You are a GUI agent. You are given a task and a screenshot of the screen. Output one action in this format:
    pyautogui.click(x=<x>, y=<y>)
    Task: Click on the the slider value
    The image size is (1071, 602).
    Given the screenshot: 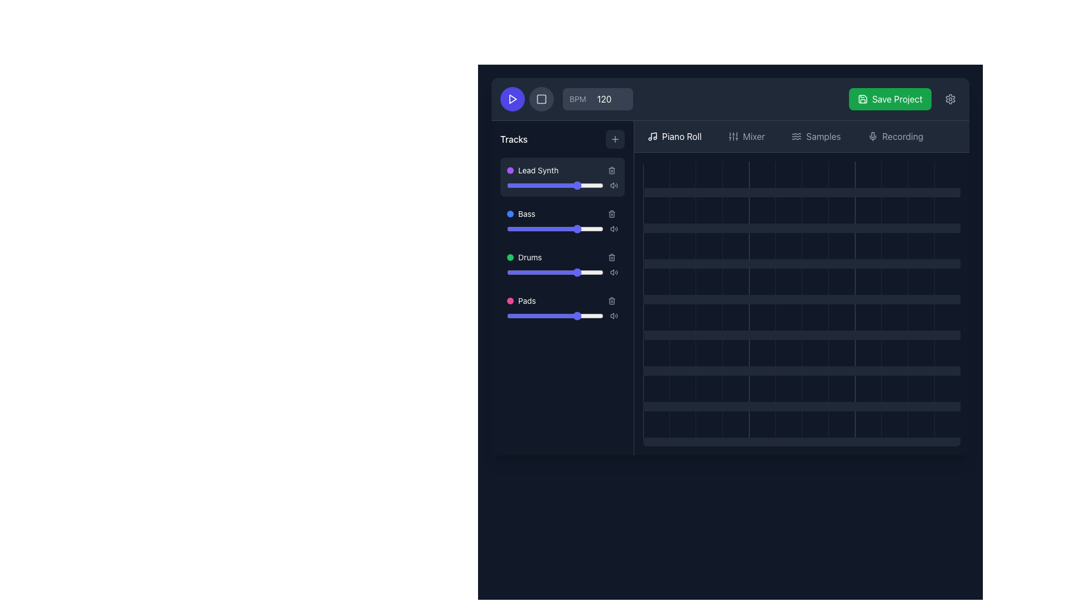 What is the action you would take?
    pyautogui.click(x=546, y=273)
    